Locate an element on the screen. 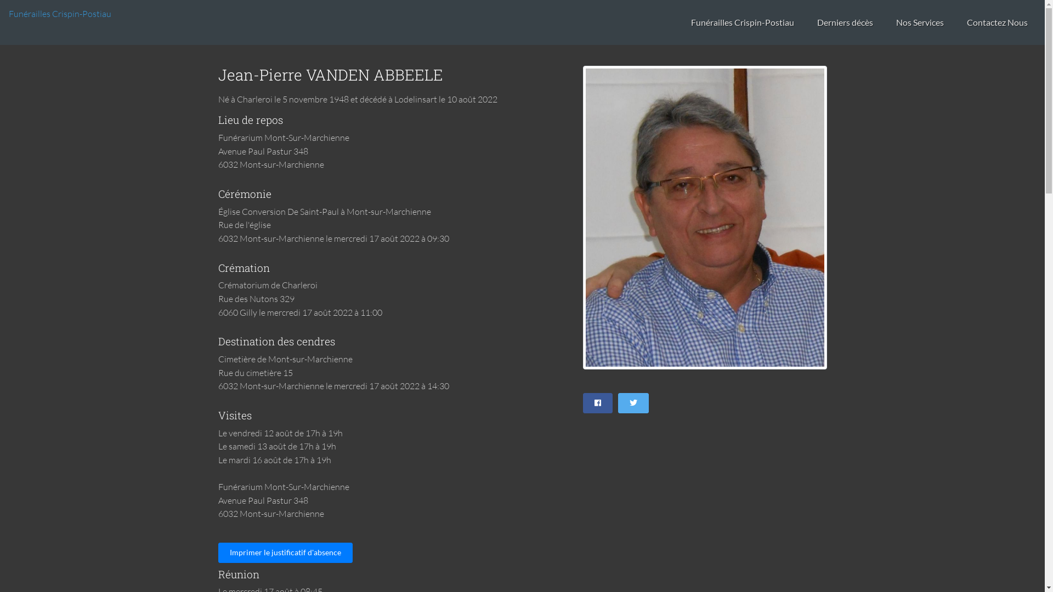 This screenshot has width=1053, height=592. 'Contactez Nous' is located at coordinates (958, 22).